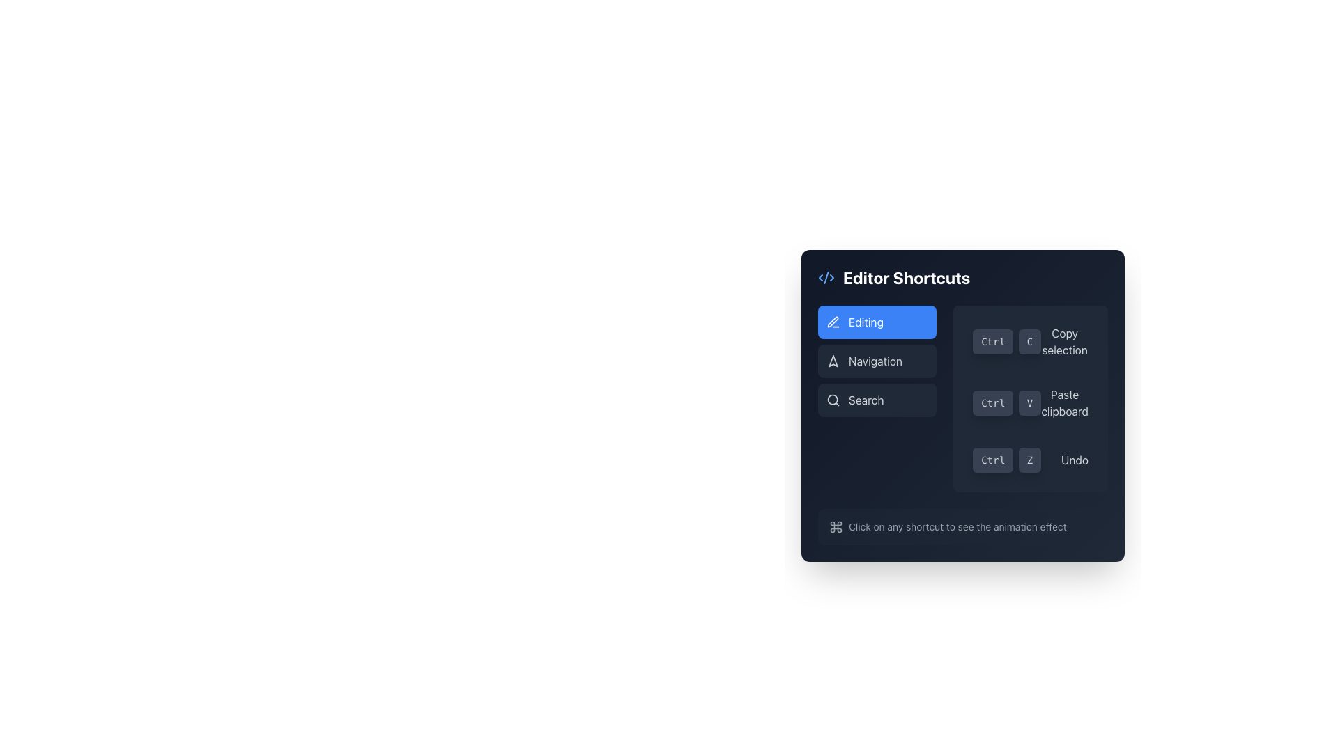 The image size is (1338, 752). Describe the element at coordinates (877, 361) in the screenshot. I see `the 'Navigation' button, which is the second button in a vertical stack of three buttons, to potentially see a visual effect` at that location.